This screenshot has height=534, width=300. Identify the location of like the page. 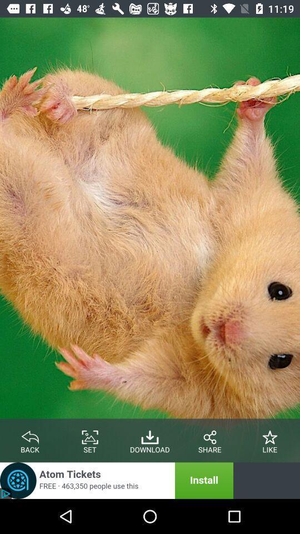
(269, 435).